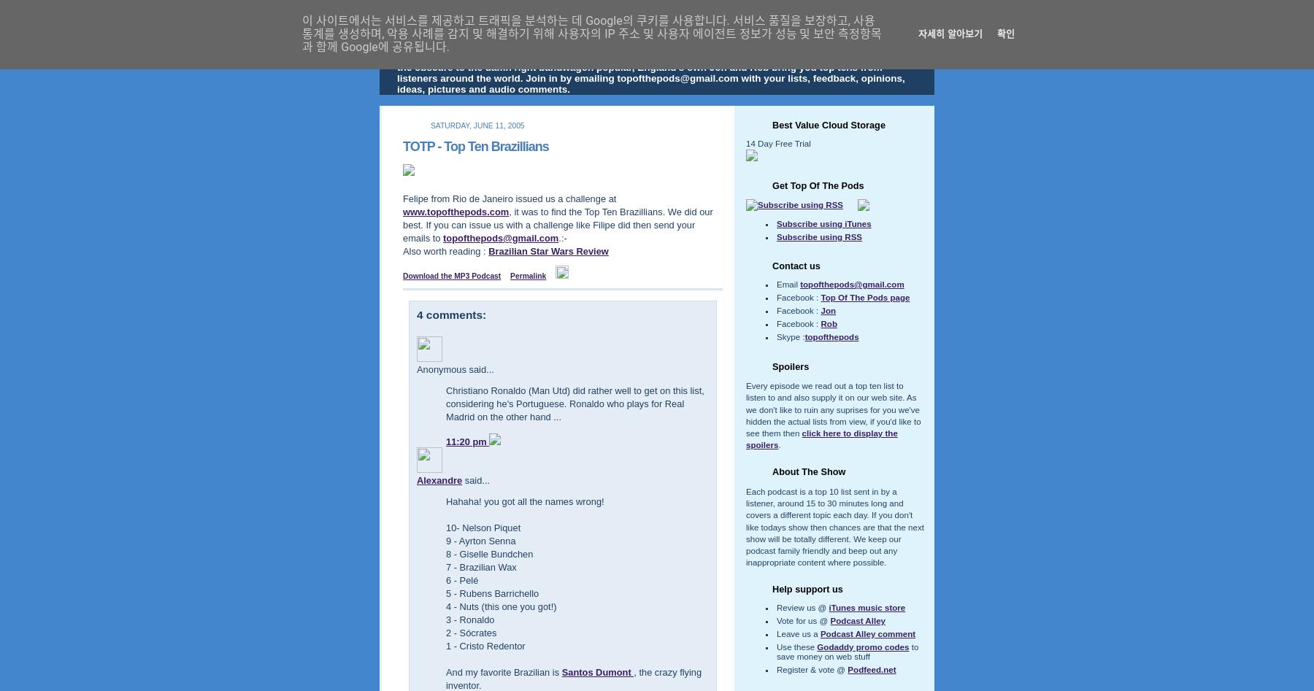  Describe the element at coordinates (456, 211) in the screenshot. I see `'www.topofthepods.com'` at that location.